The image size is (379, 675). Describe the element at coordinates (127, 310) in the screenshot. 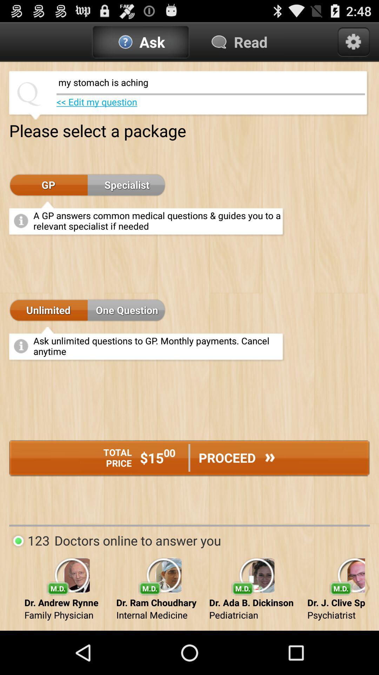

I see `one question` at that location.